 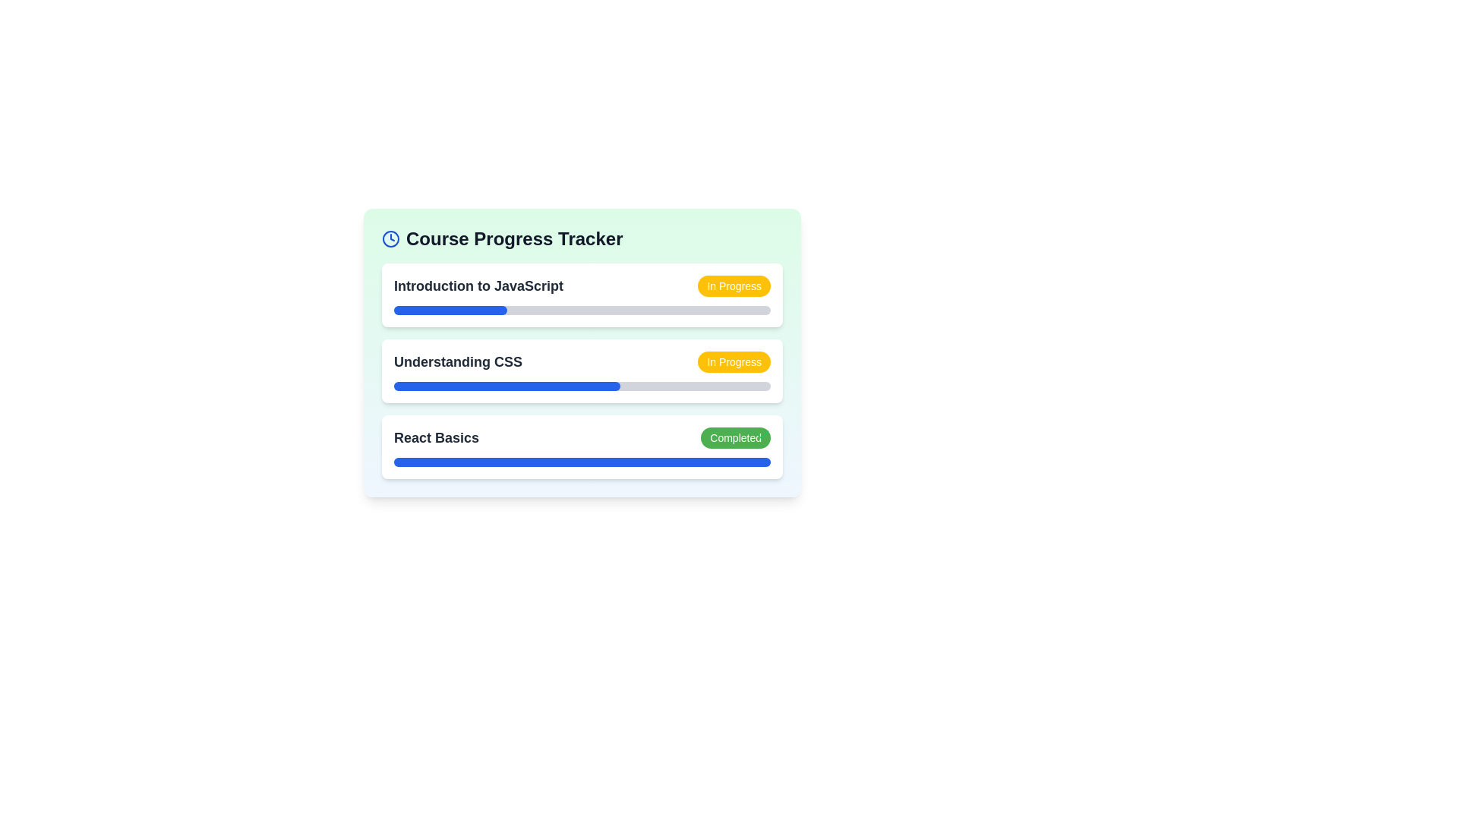 I want to click on progress details from the 'Understanding CSS' Progress card, which is the second card in the vertical list of progress cards within the 'Course Progress Tracker' section, so click(x=582, y=371).